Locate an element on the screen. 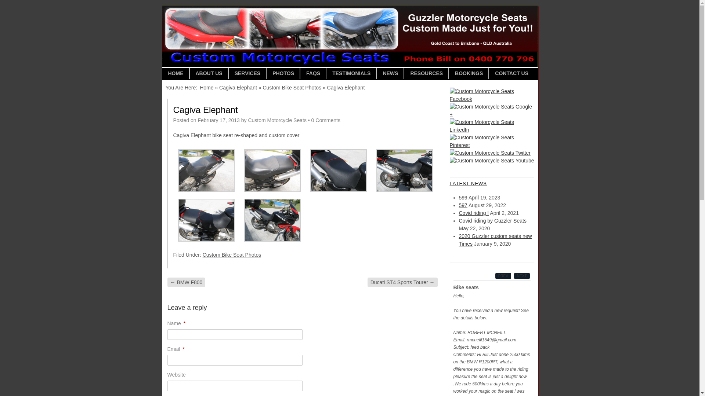  'Custom Motorcycle Seats Google +' is located at coordinates (492, 110).